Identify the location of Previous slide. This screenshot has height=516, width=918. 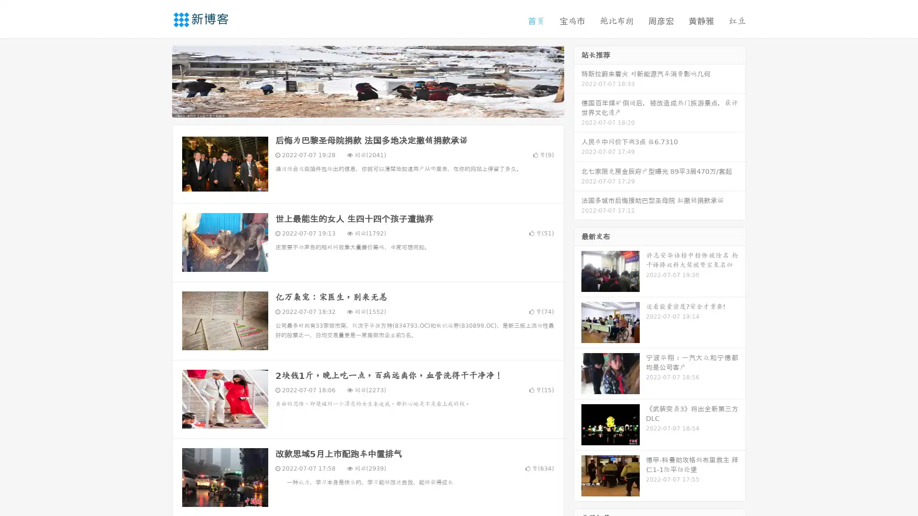
(158, 80).